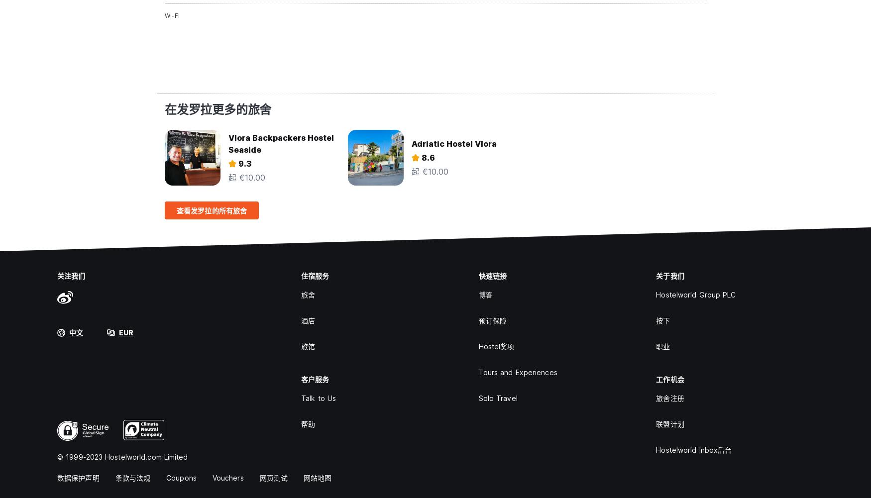  I want to click on '9.3', so click(245, 164).